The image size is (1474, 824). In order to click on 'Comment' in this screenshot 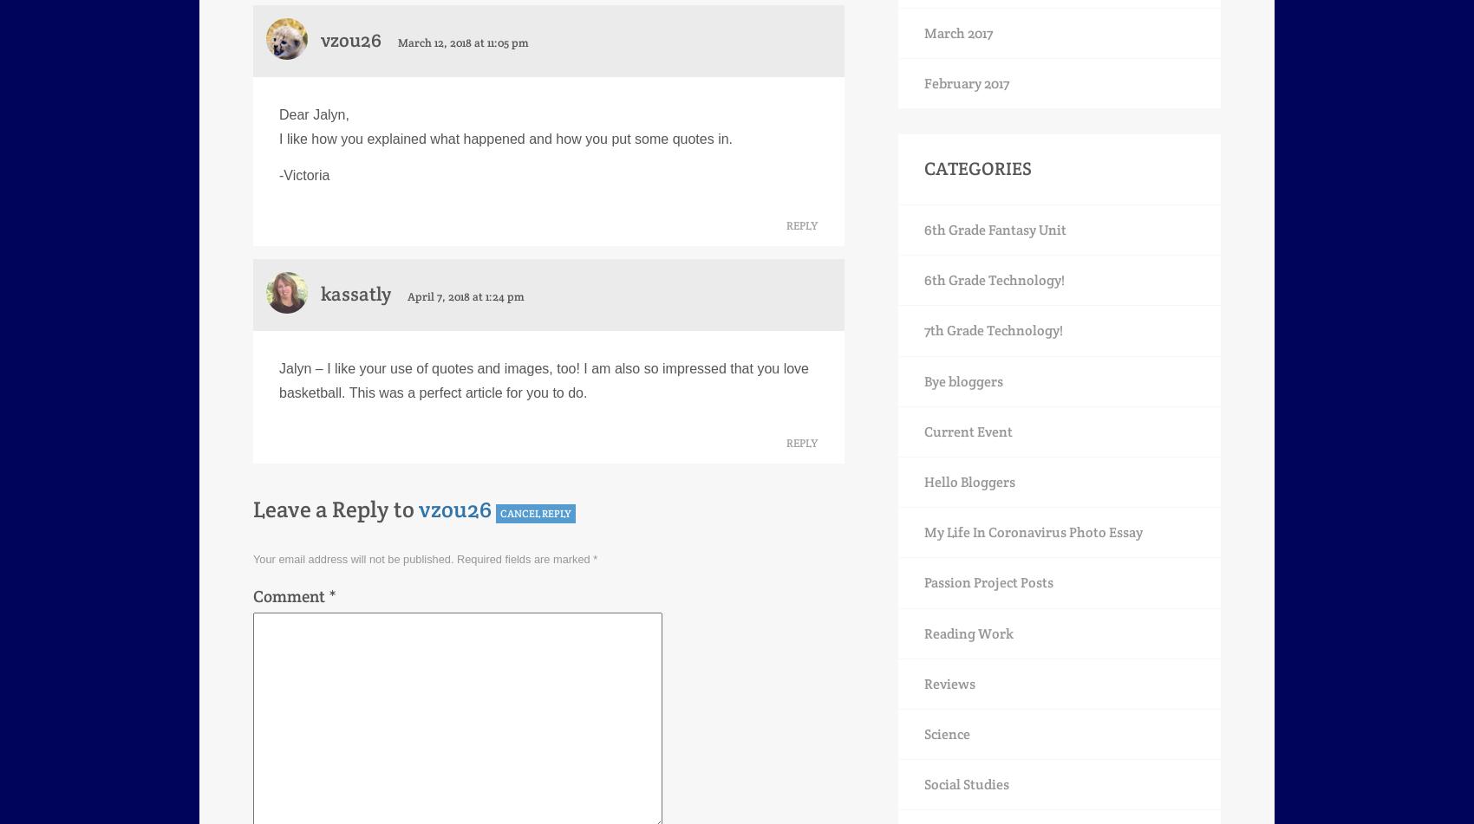, I will do `click(253, 594)`.